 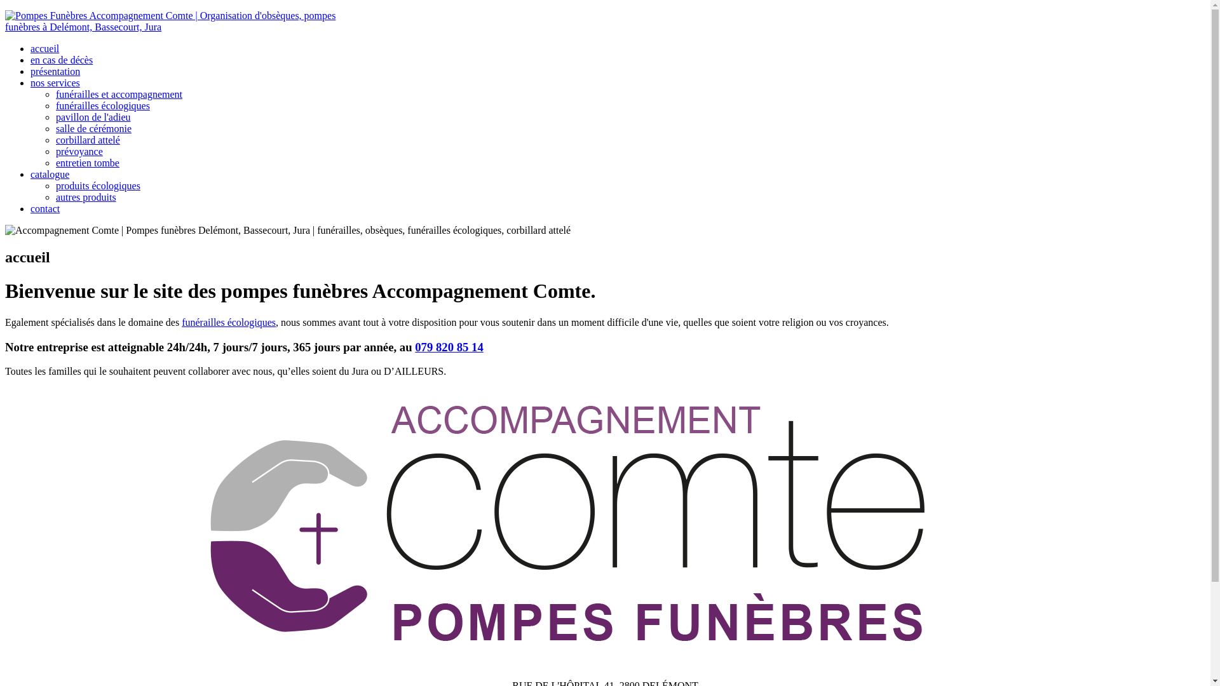 What do you see at coordinates (44, 48) in the screenshot?
I see `'accueil'` at bounding box center [44, 48].